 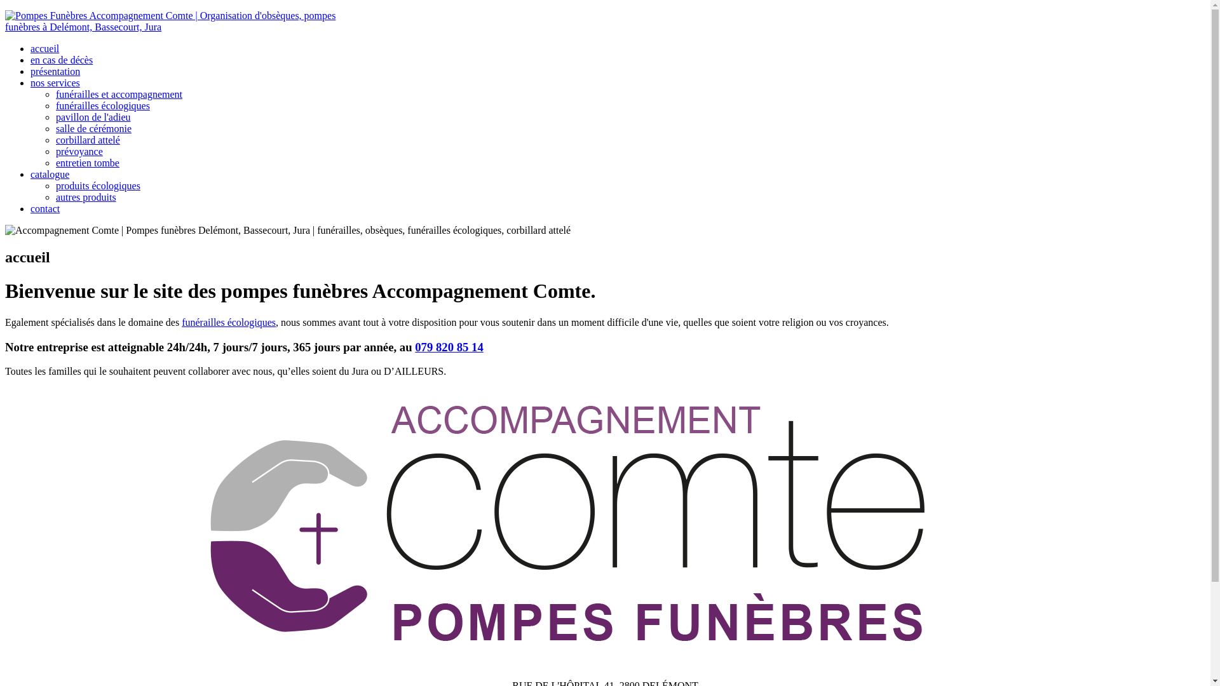 What do you see at coordinates (44, 48) in the screenshot?
I see `'accueil'` at bounding box center [44, 48].